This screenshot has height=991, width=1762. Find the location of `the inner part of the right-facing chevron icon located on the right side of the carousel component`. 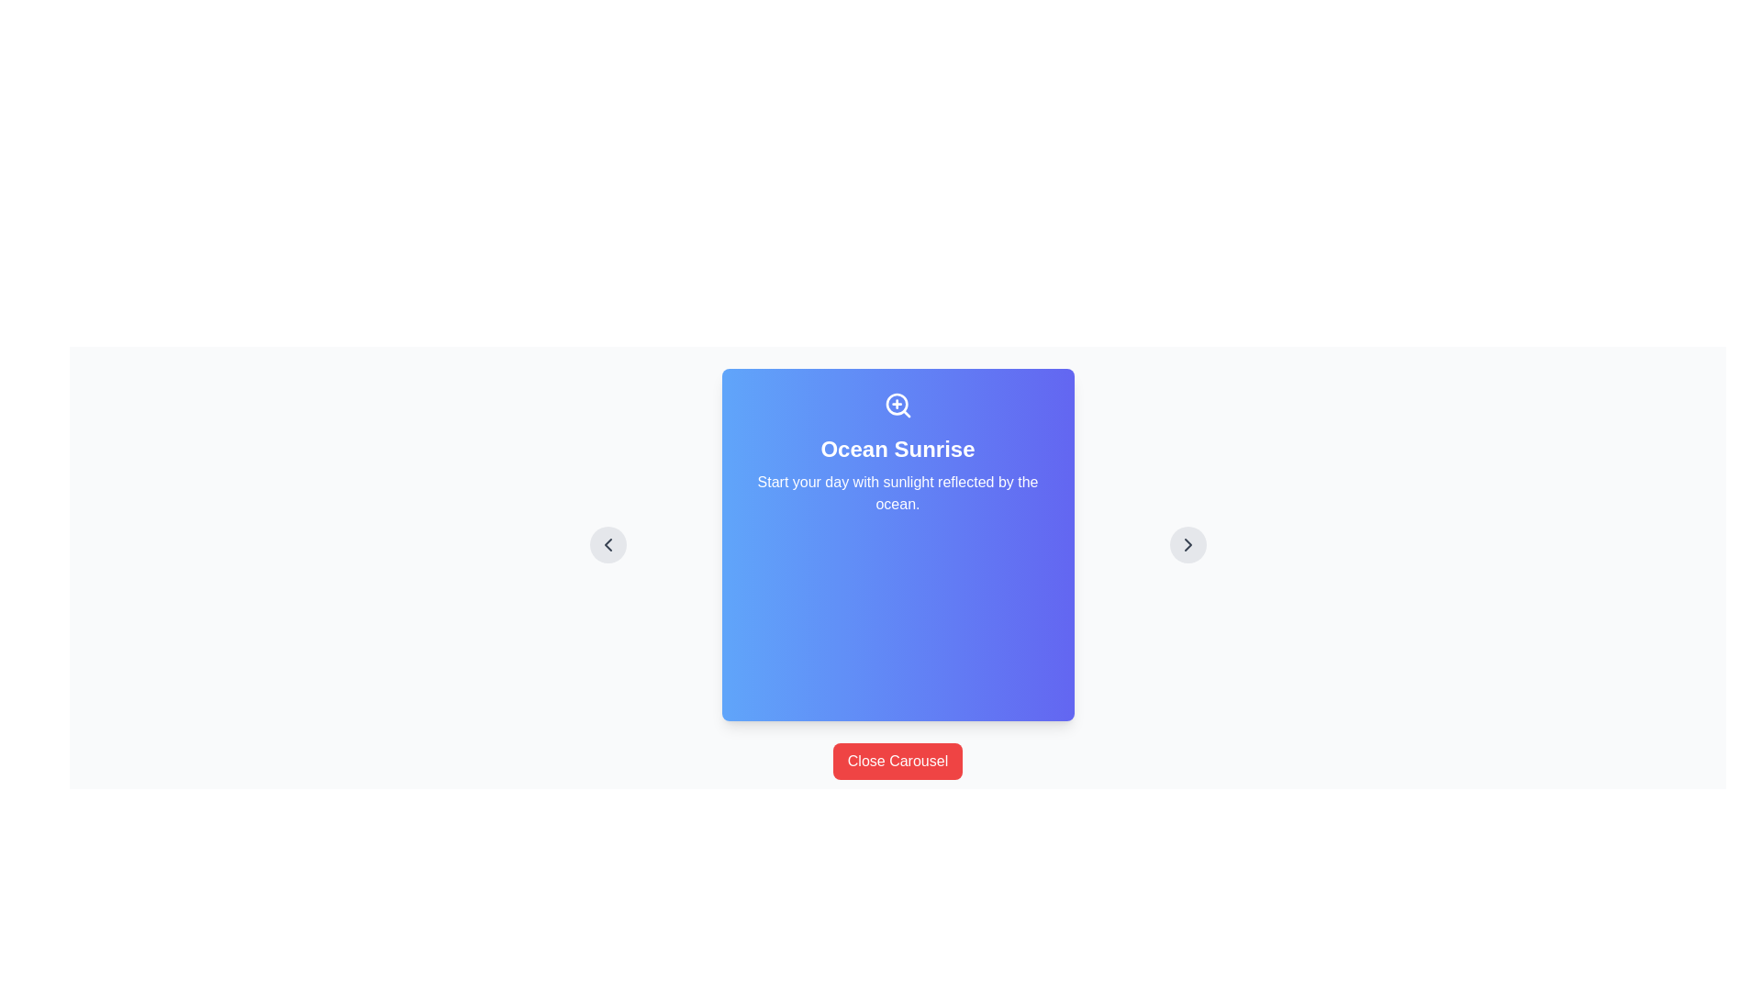

the inner part of the right-facing chevron icon located on the right side of the carousel component is located at coordinates (1188, 544).